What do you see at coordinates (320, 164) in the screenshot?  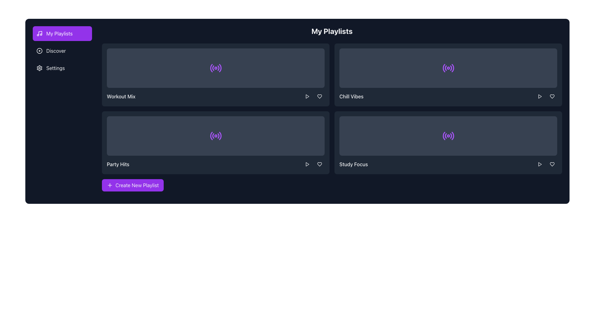 I see `the heart icon button in the bottom-right corner of the 'Study Focus' tile within the 'My Playlists' section` at bounding box center [320, 164].